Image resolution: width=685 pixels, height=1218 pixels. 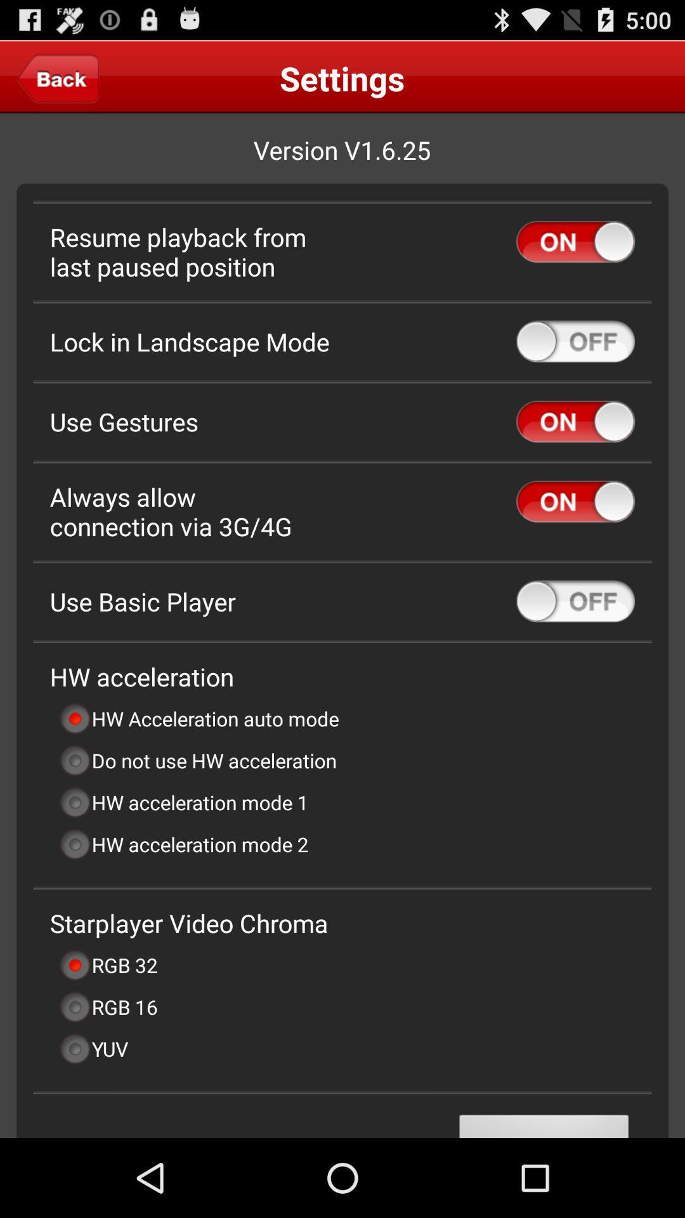 What do you see at coordinates (107, 964) in the screenshot?
I see `the item above rgb 16 radio button` at bounding box center [107, 964].